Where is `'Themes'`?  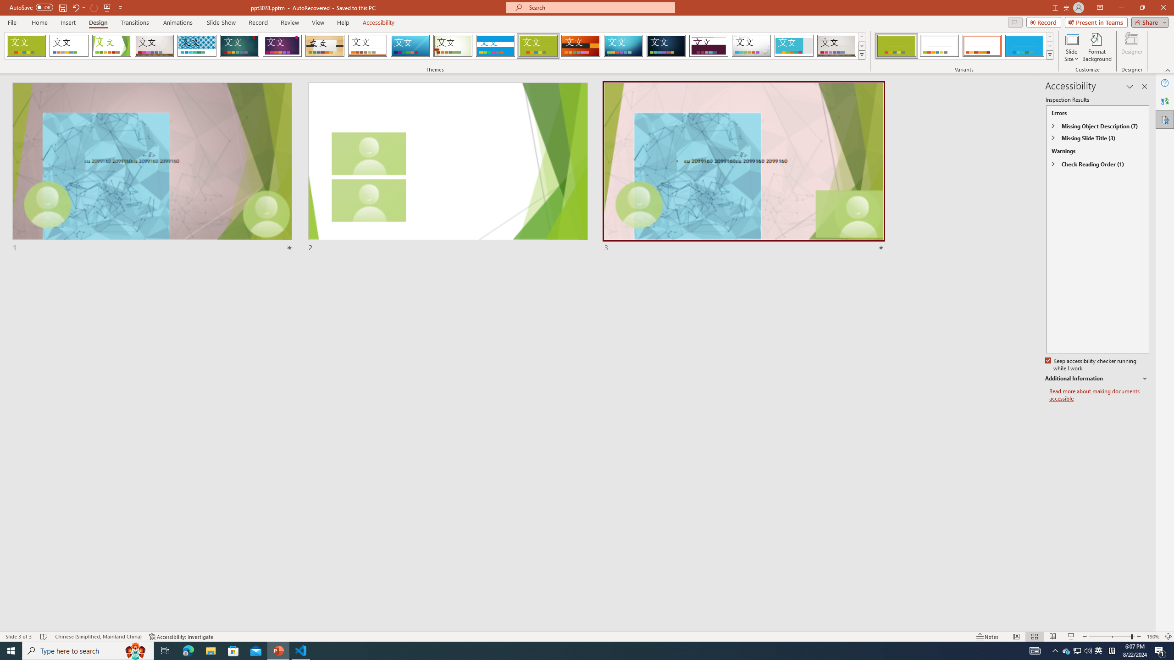
'Themes' is located at coordinates (862, 54).